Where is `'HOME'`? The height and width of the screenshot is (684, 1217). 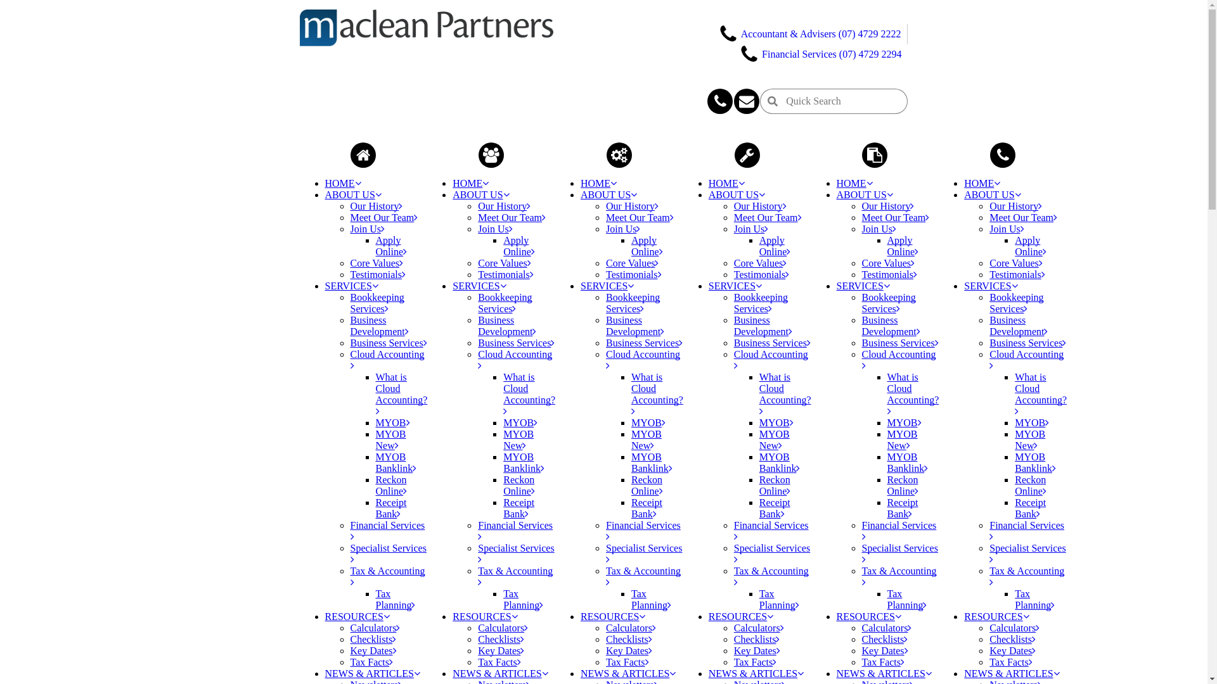
'HOME' is located at coordinates (342, 183).